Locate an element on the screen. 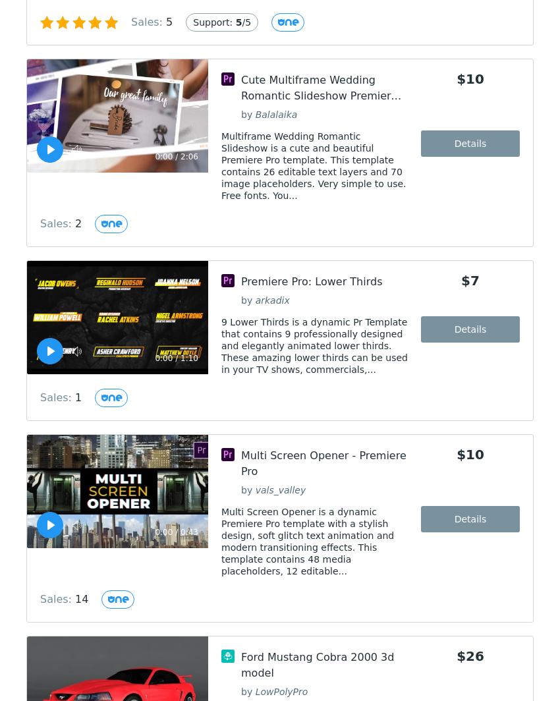  'Cute Multiframe Wedding Romantic Slideshow Premiere Pro Template' is located at coordinates (319, 96).